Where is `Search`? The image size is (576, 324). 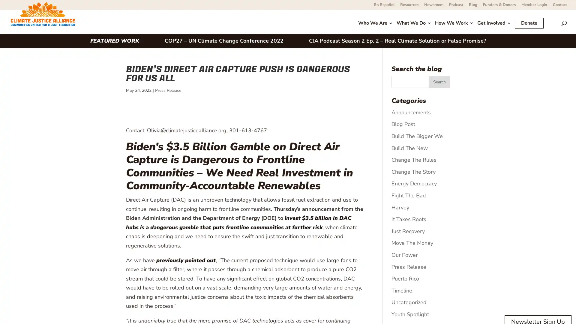 Search is located at coordinates (439, 82).